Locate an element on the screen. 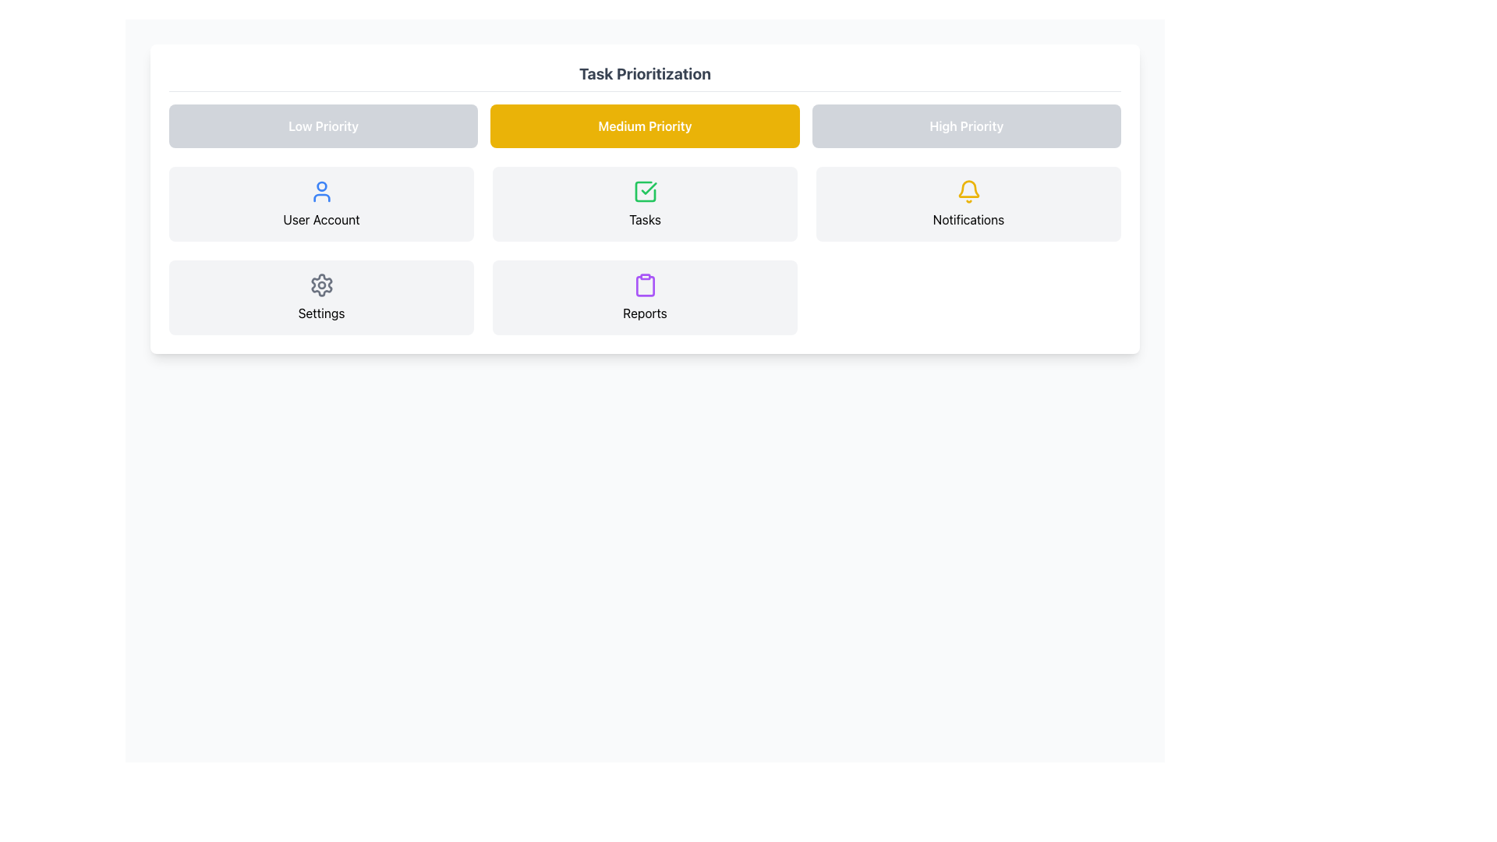 This screenshot has height=842, width=1497. the button labeled 'Medium Priority', which has a warm yellow background and white bold text is located at coordinates (645, 126).